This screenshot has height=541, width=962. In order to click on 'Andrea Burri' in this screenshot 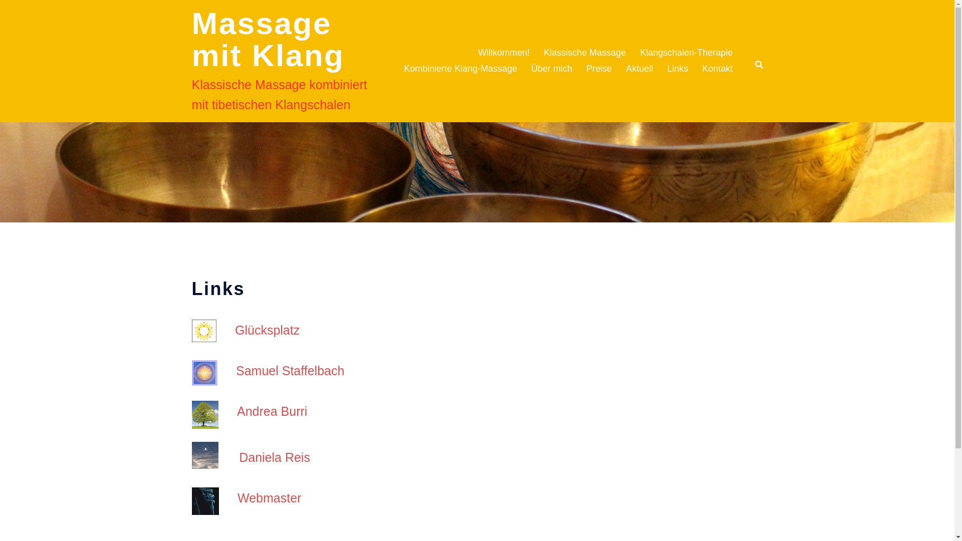, I will do `click(272, 411)`.